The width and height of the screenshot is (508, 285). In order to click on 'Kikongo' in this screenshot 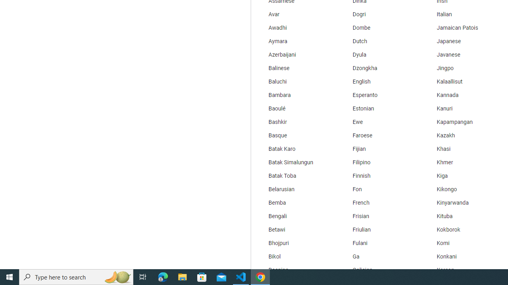, I will do `click(464, 190)`.